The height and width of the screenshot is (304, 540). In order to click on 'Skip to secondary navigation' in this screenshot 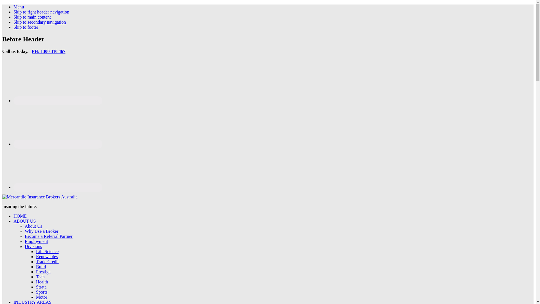, I will do `click(39, 22)`.